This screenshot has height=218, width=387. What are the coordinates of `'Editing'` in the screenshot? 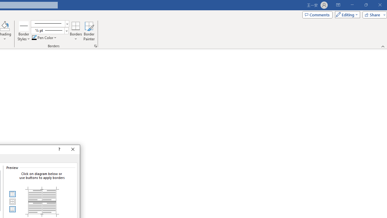 It's located at (346, 14).